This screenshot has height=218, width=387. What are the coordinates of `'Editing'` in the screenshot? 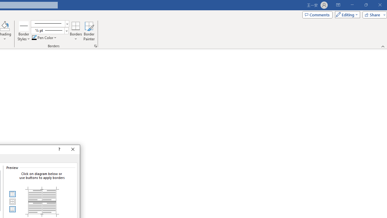 It's located at (346, 14).